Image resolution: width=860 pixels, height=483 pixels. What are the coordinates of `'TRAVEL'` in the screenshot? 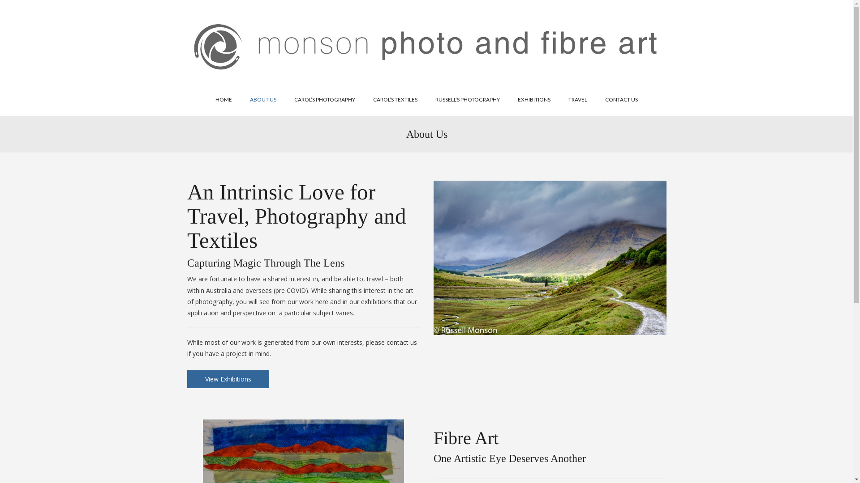 It's located at (559, 100).